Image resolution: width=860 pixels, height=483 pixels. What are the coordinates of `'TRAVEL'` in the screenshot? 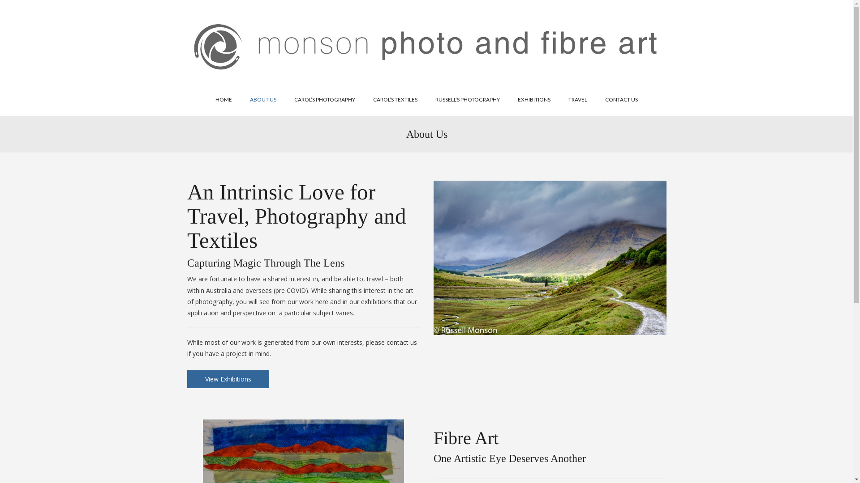 It's located at (559, 100).